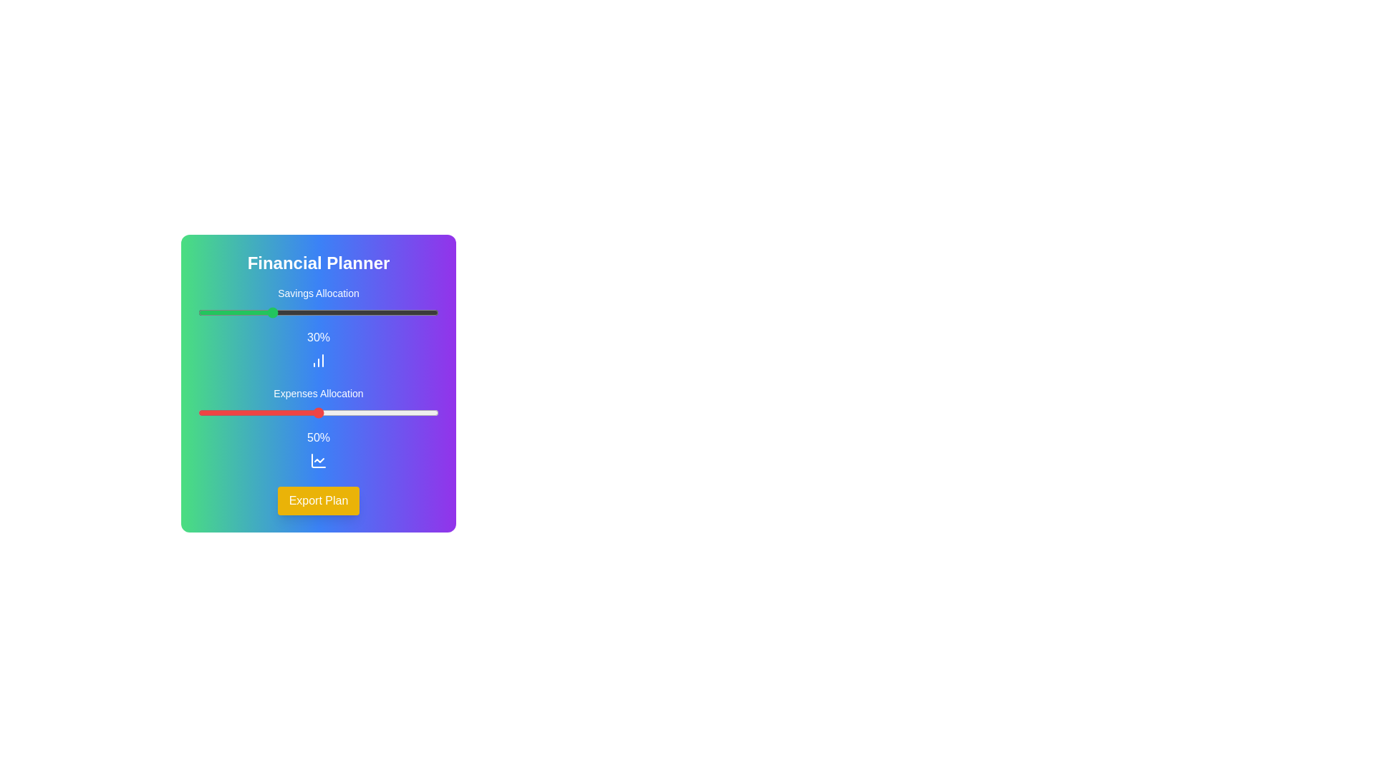 The width and height of the screenshot is (1375, 773). What do you see at coordinates (318, 263) in the screenshot?
I see `title of the Text Label that serves as a heading for the financial planning content, positioned at the top of its section within a gradient-colored box` at bounding box center [318, 263].